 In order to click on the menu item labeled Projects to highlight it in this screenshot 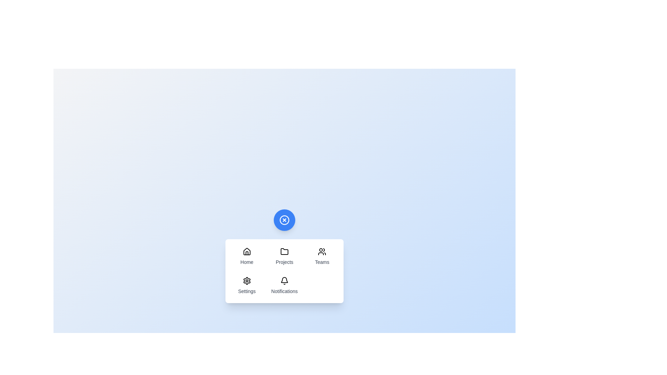, I will do `click(285, 257)`.